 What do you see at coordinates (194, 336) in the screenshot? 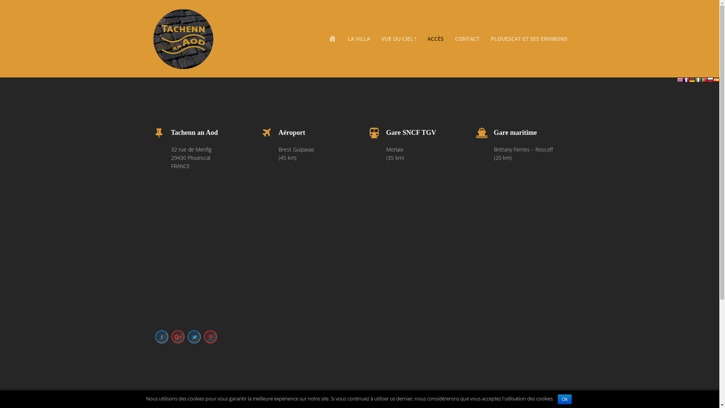
I see `'Twitter'` at bounding box center [194, 336].